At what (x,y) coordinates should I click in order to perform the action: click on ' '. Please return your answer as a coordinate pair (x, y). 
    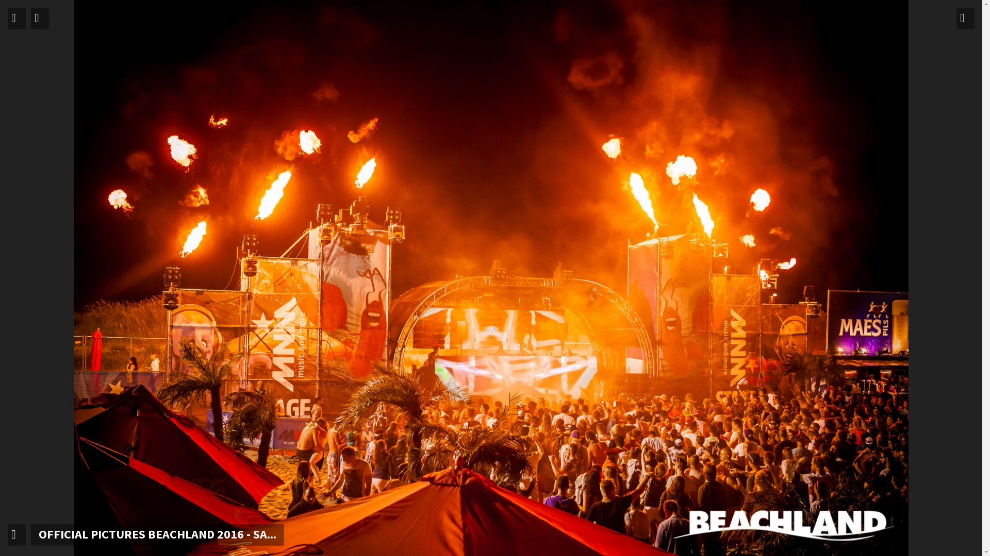
    Looking at the image, I should click on (30, 18).